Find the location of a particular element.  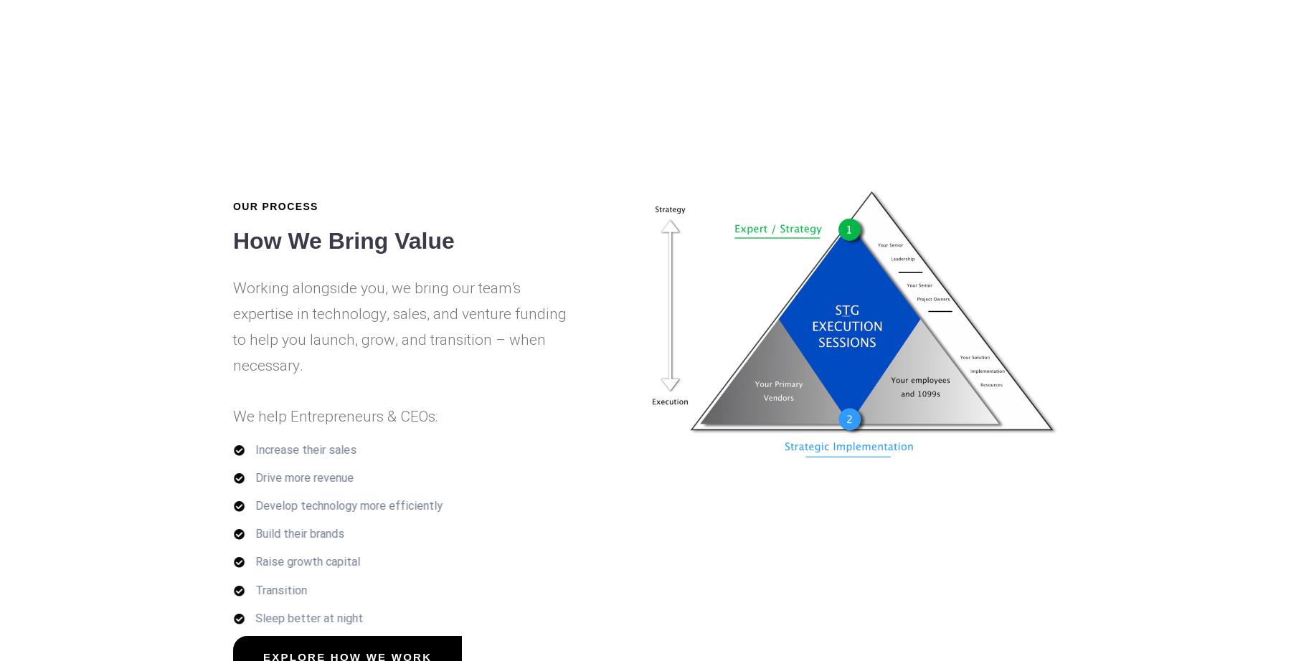

'Raise growth capital' is located at coordinates (307, 561).